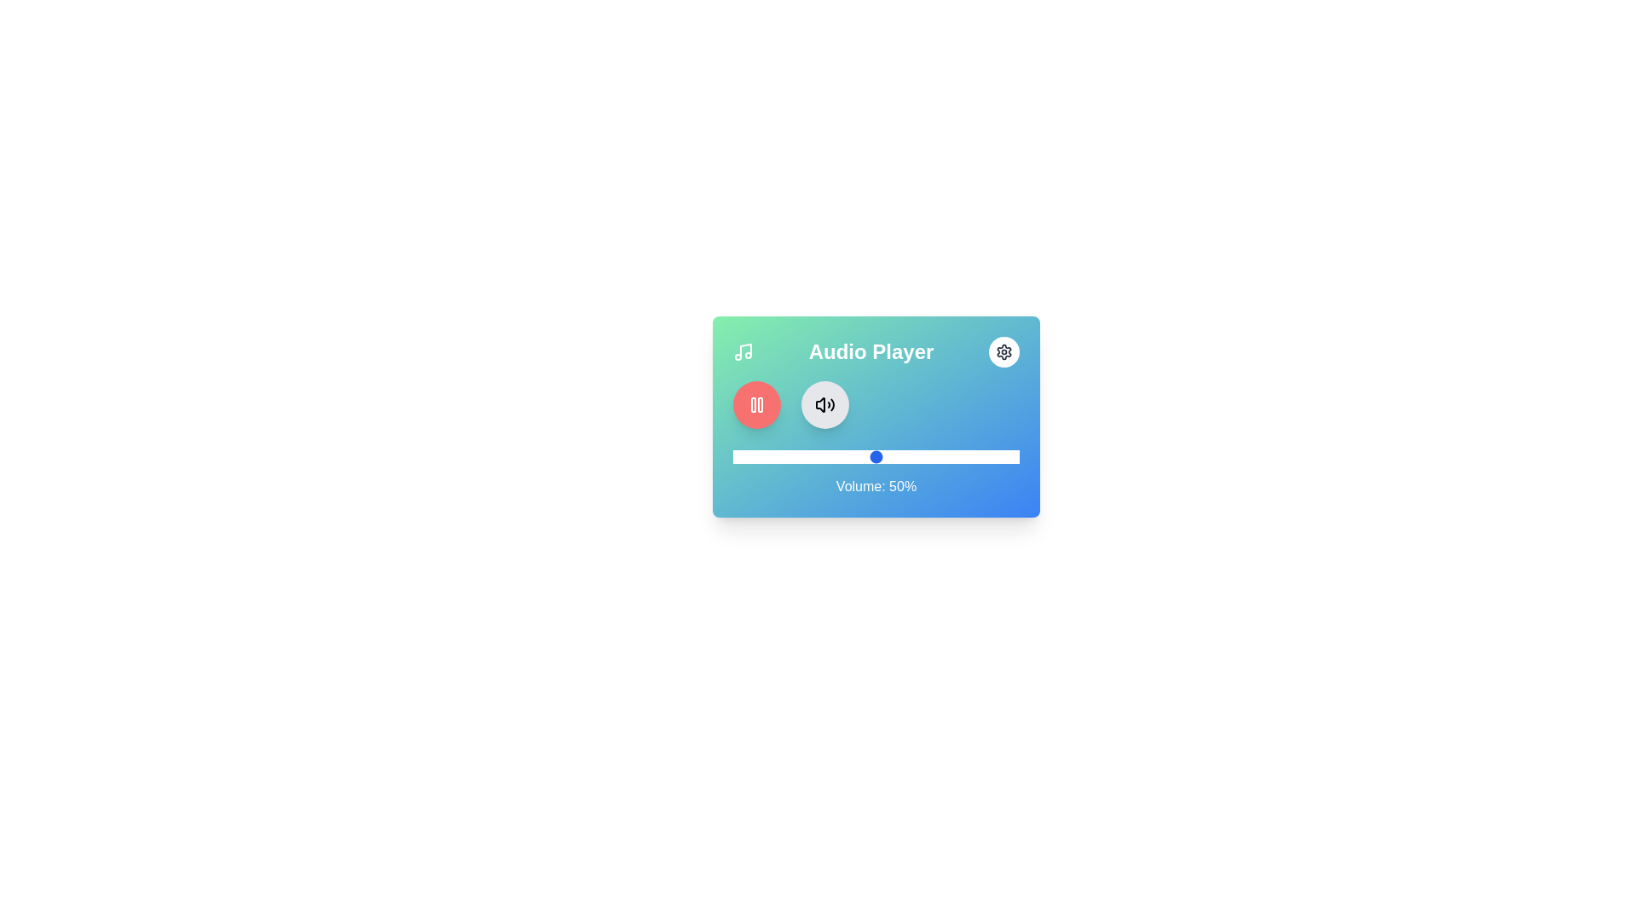 The width and height of the screenshot is (1637, 921). I want to click on volume, so click(781, 456).